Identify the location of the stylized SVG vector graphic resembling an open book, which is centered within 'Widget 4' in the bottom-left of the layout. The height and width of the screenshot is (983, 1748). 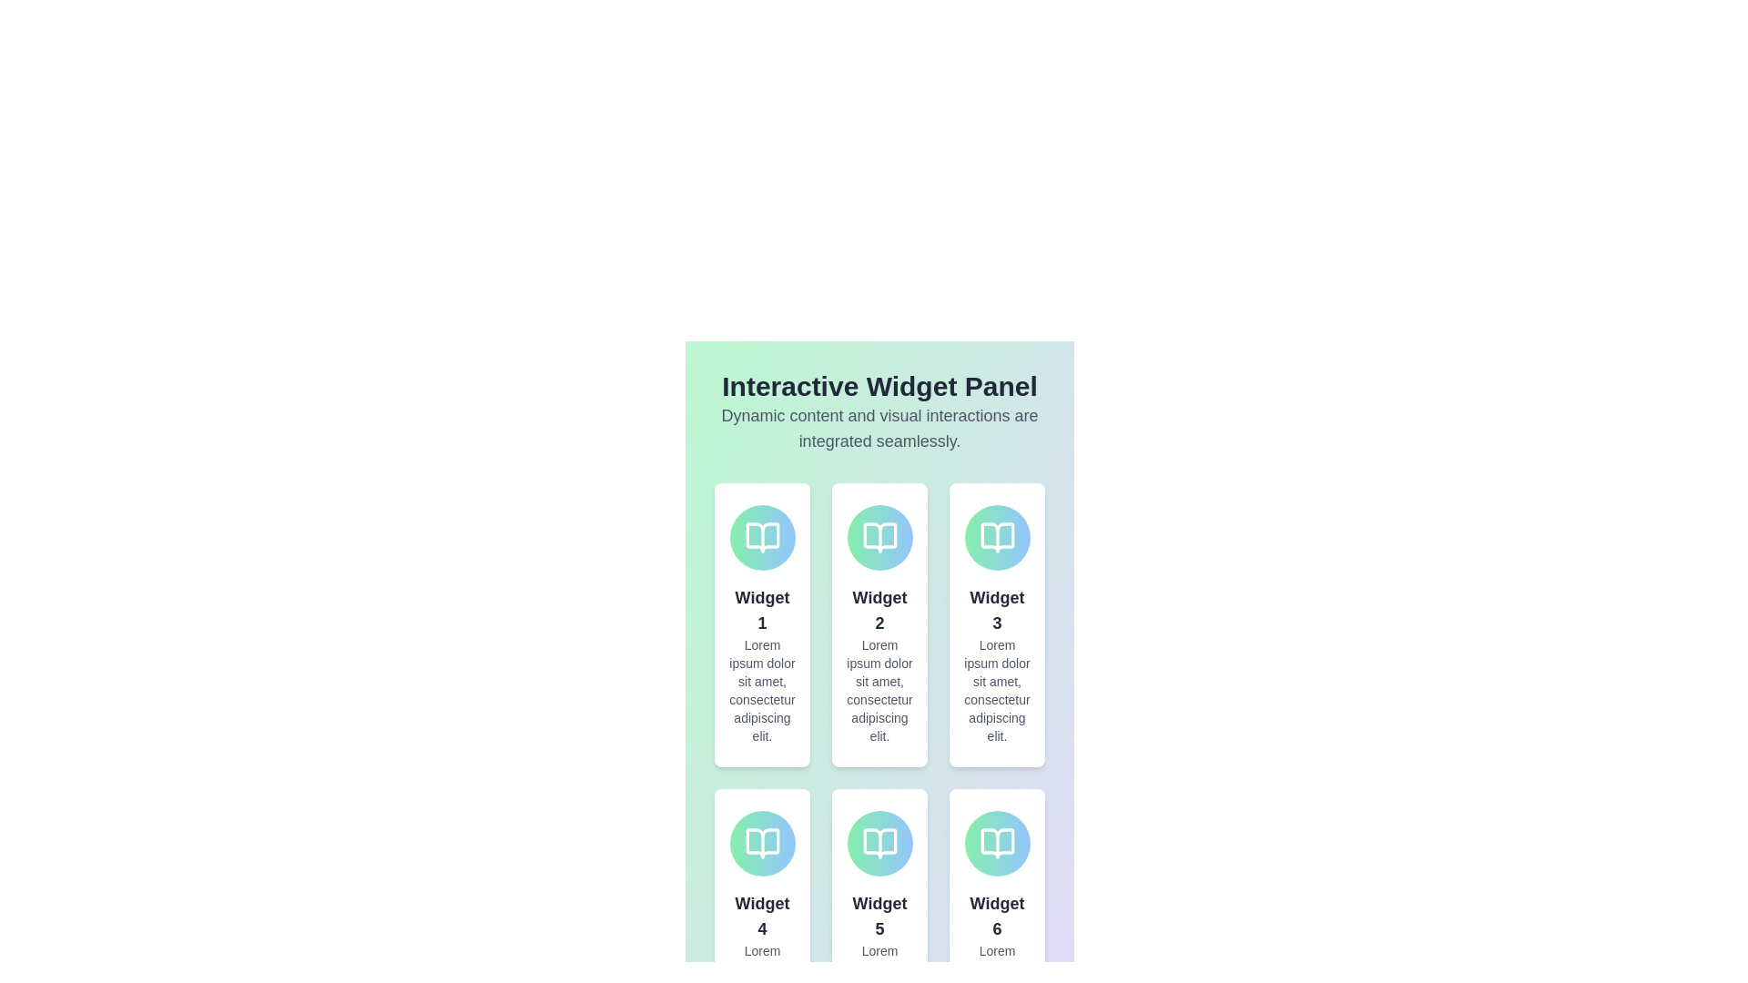
(762, 843).